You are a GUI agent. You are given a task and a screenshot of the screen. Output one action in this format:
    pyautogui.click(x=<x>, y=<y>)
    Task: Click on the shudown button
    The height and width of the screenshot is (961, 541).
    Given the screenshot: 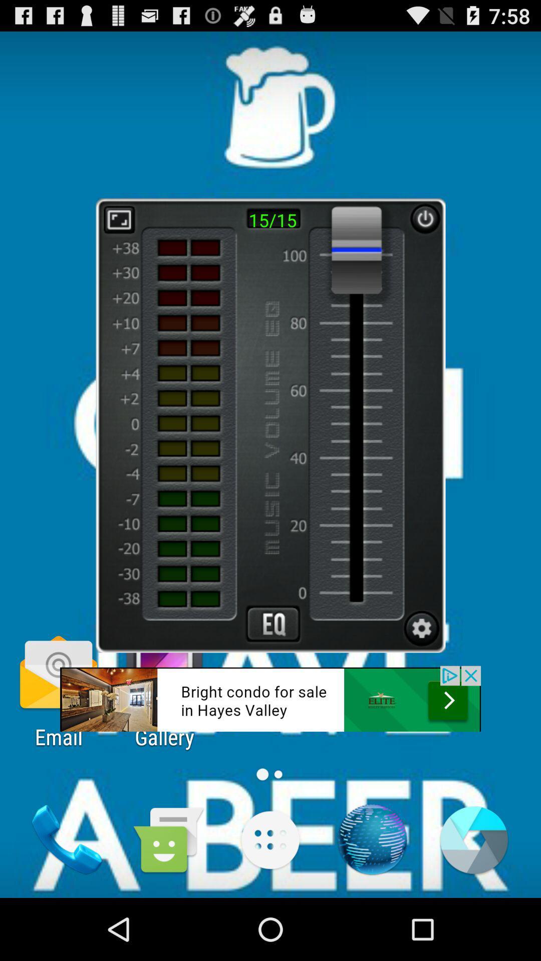 What is the action you would take?
    pyautogui.click(x=425, y=218)
    